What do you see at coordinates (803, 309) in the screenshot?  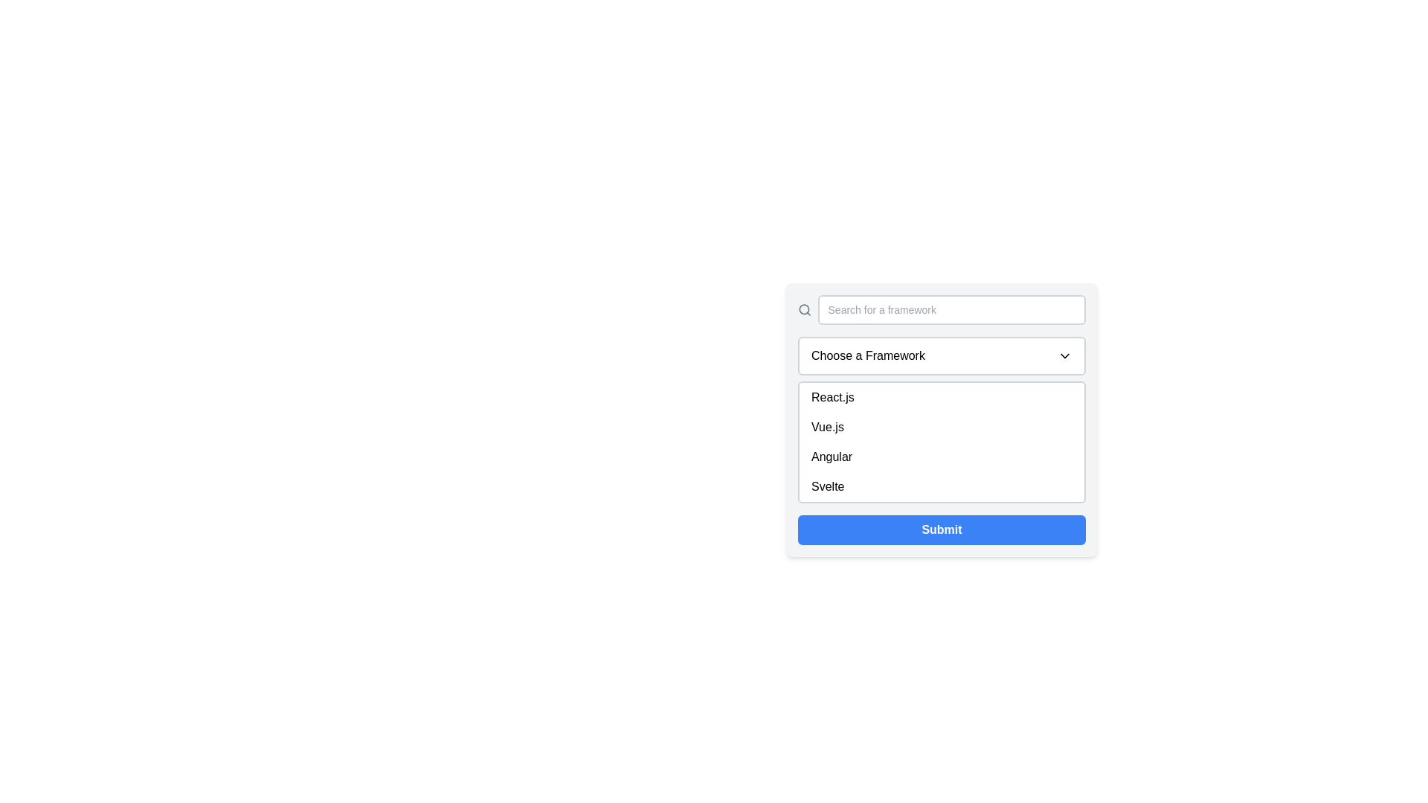 I see `the circular part of the magnifying glass icon representing the search function, which is positioned above the 'Search for a framework' text field` at bounding box center [803, 309].